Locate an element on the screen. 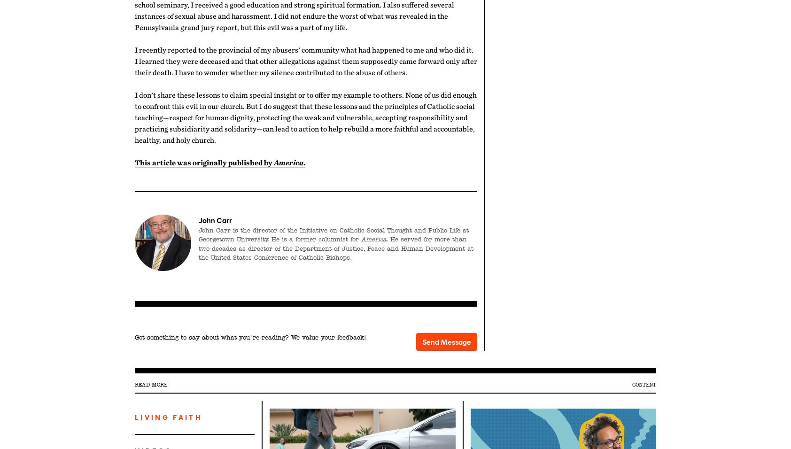 Image resolution: width=791 pixels, height=449 pixels. 'This article was originally published by' is located at coordinates (134, 162).